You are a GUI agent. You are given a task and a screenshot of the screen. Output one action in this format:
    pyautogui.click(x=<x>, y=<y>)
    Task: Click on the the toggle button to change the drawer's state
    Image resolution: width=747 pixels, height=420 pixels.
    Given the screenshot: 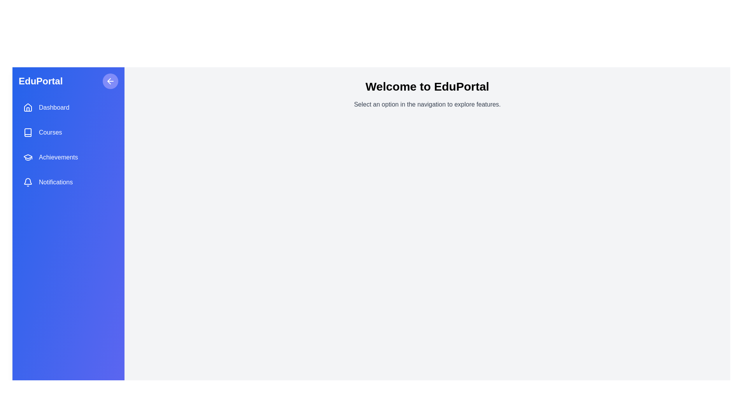 What is the action you would take?
    pyautogui.click(x=110, y=81)
    